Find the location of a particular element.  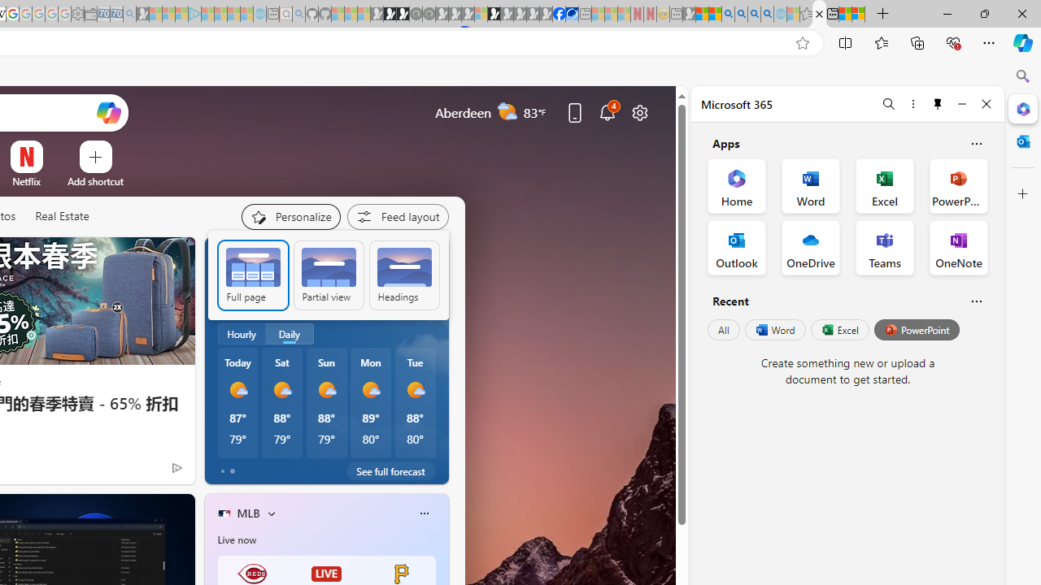

'Real Estate' is located at coordinates (62, 215).